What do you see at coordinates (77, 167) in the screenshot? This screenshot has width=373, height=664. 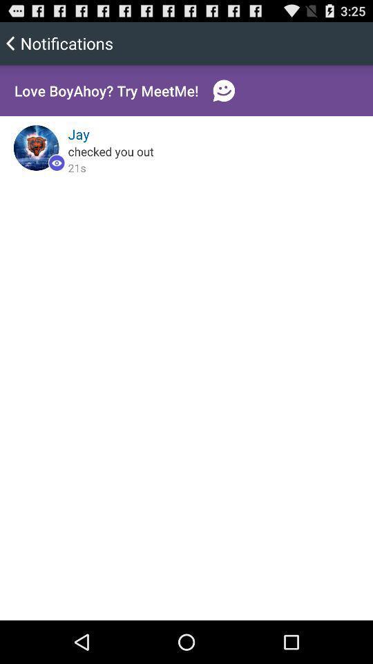 I see `the 21s app` at bounding box center [77, 167].